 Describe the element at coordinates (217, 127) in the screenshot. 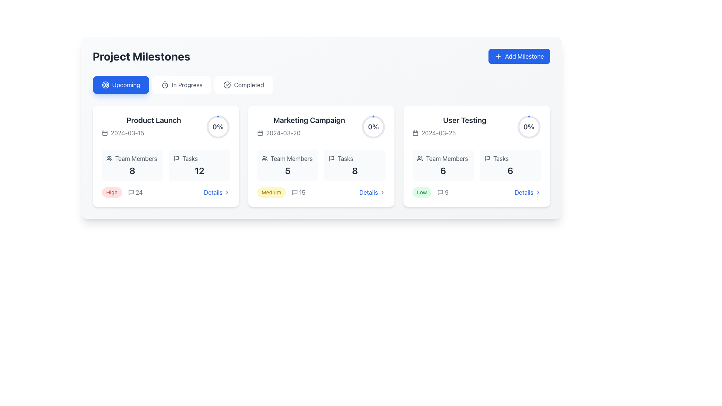

I see `the circular progress indicator located in the top-right corner of the 'Product Launch' card` at that location.